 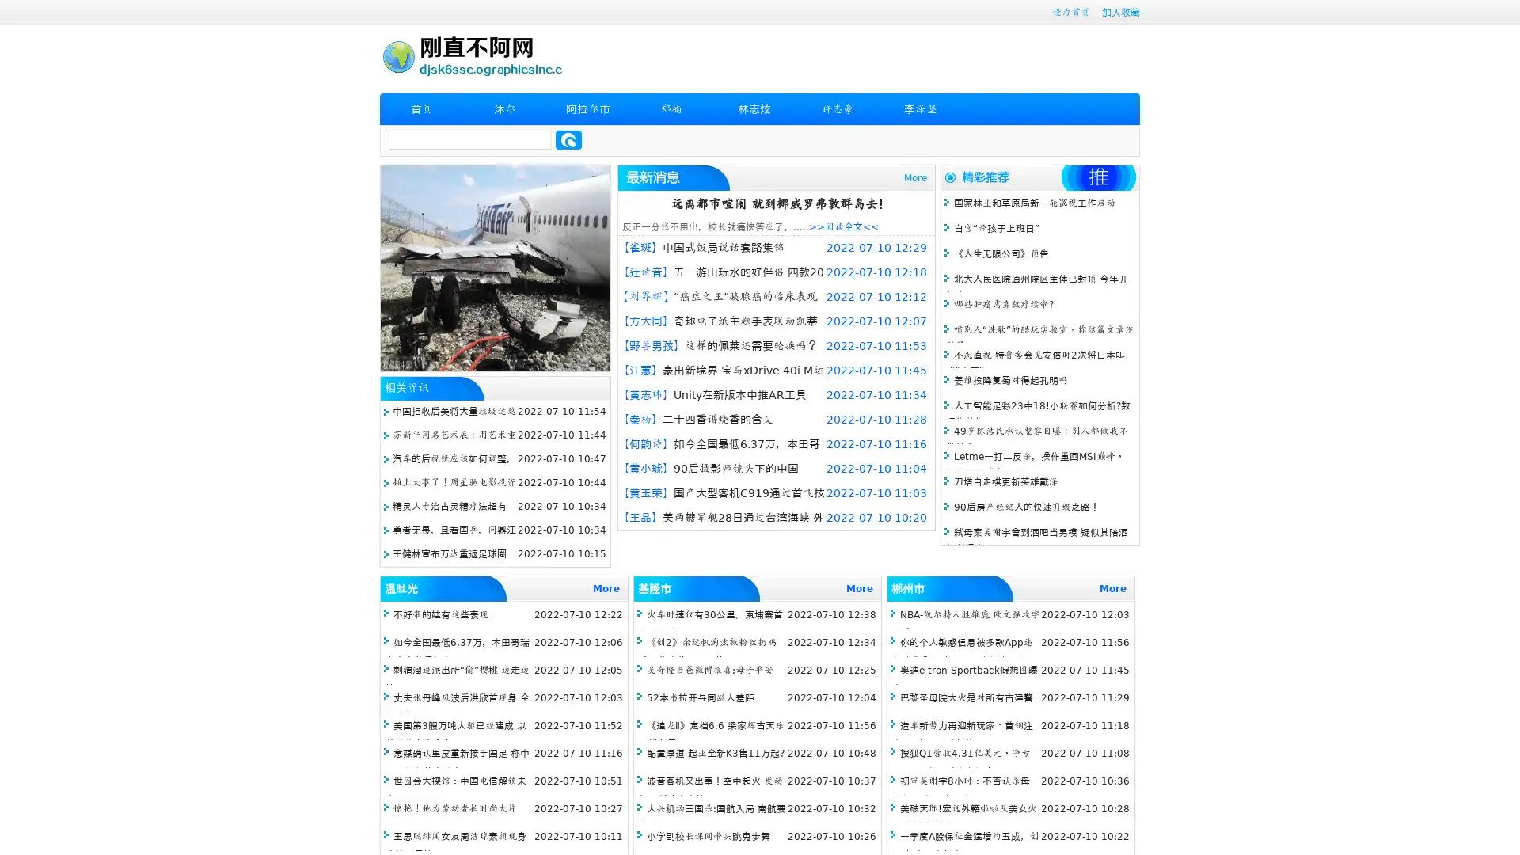 I want to click on Search, so click(x=568, y=139).